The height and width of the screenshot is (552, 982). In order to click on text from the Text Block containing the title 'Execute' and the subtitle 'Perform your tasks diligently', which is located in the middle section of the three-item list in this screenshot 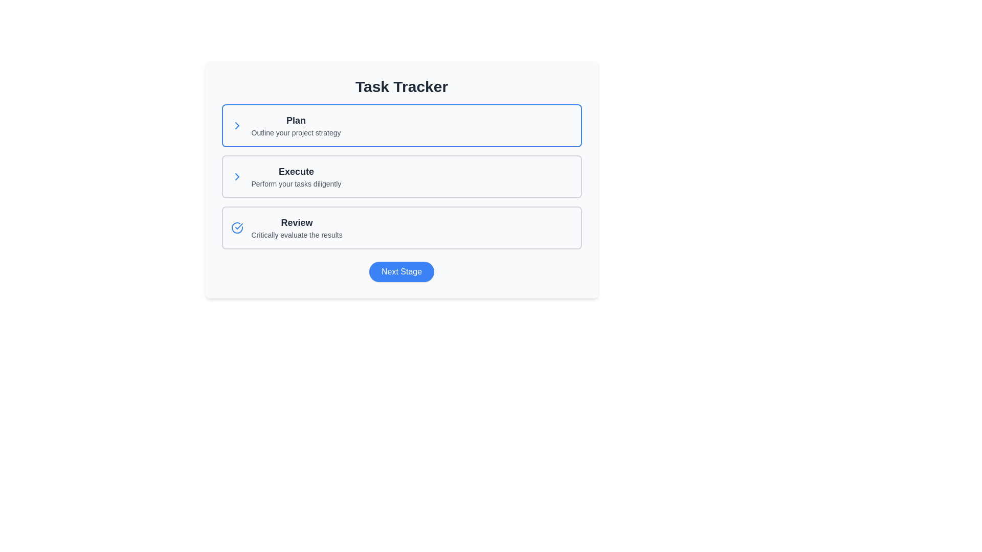, I will do `click(296, 176)`.